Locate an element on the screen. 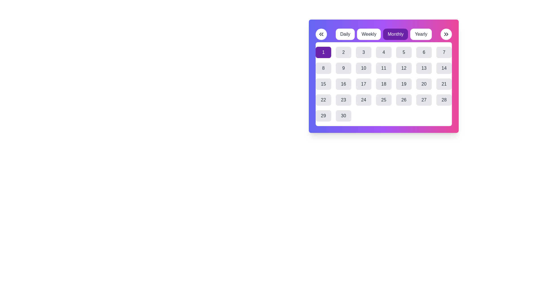 This screenshot has height=306, width=544. the rounded rectangular button with a light gray background and the text '14' in black is located at coordinates (444, 68).